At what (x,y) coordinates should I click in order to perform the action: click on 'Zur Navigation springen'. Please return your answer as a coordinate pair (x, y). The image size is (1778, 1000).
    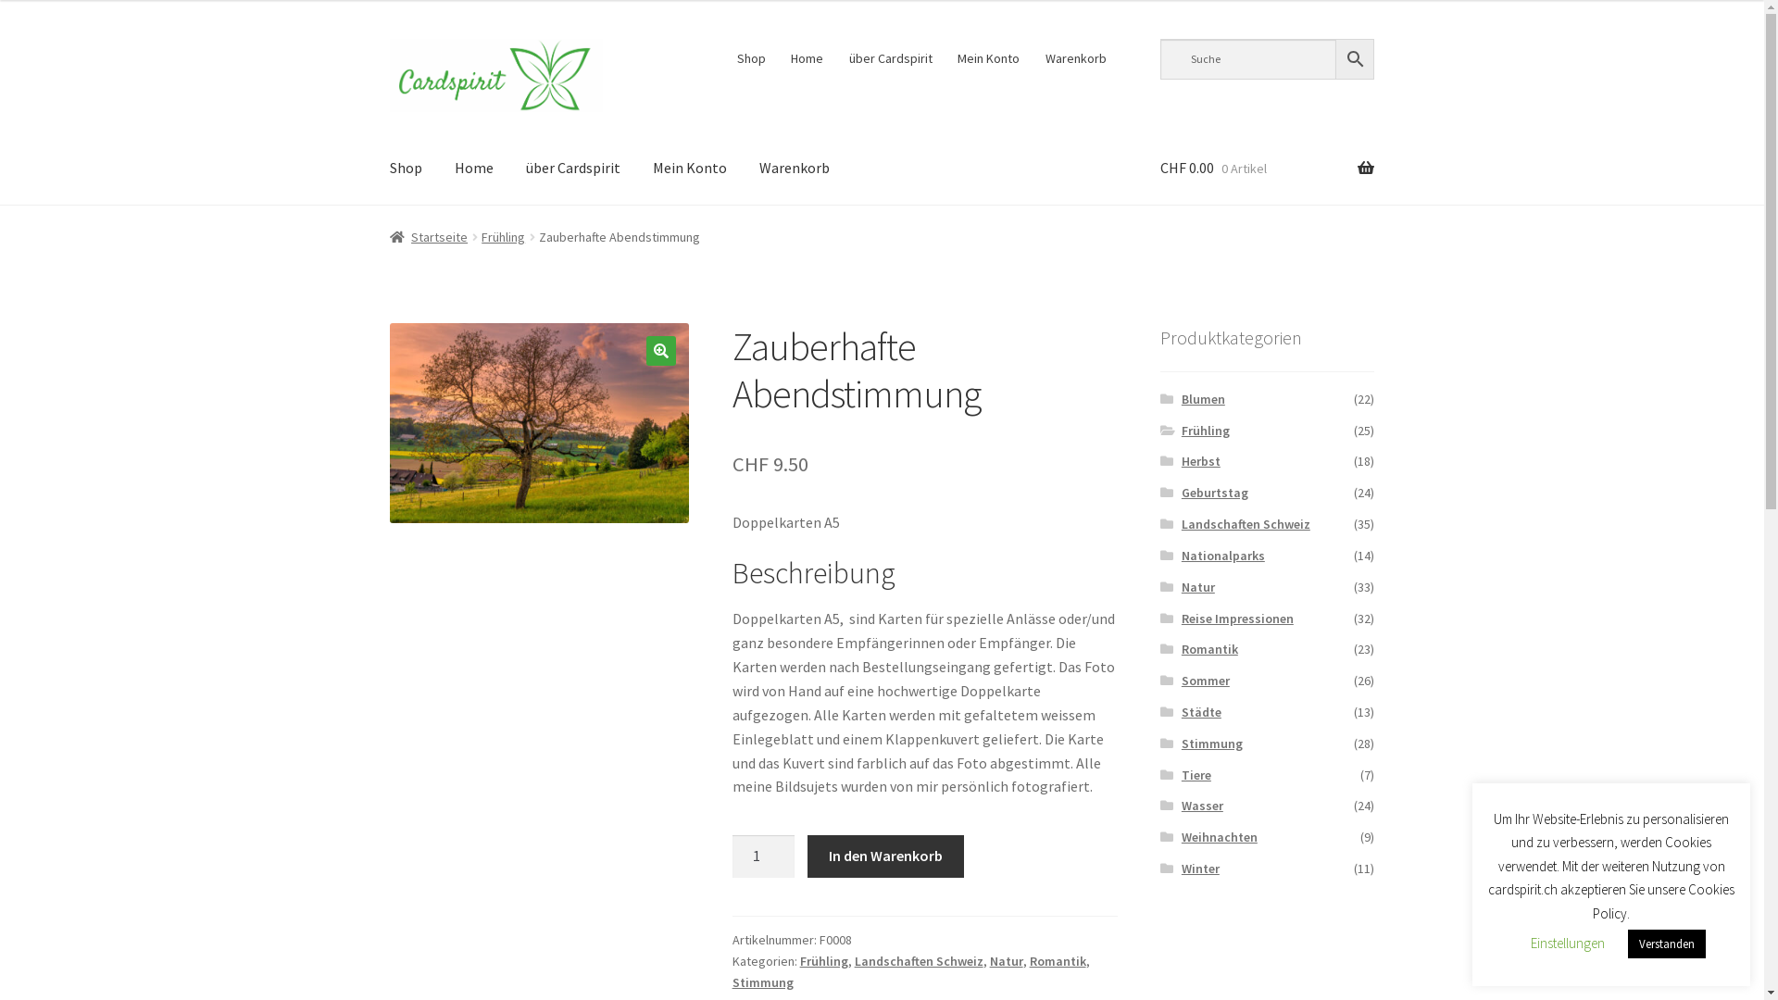
    Looking at the image, I should click on (388, 38).